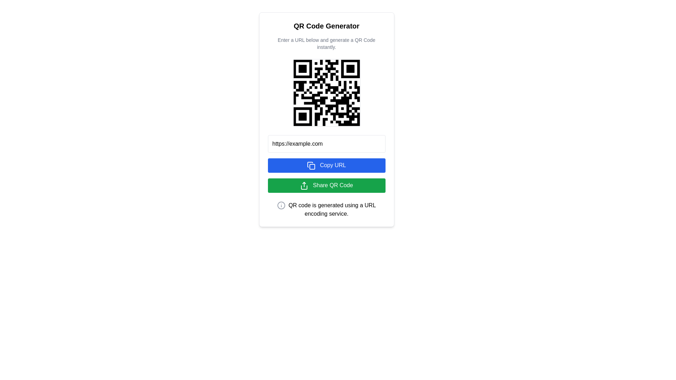 The image size is (676, 380). I want to click on the QR code image, so click(326, 92).